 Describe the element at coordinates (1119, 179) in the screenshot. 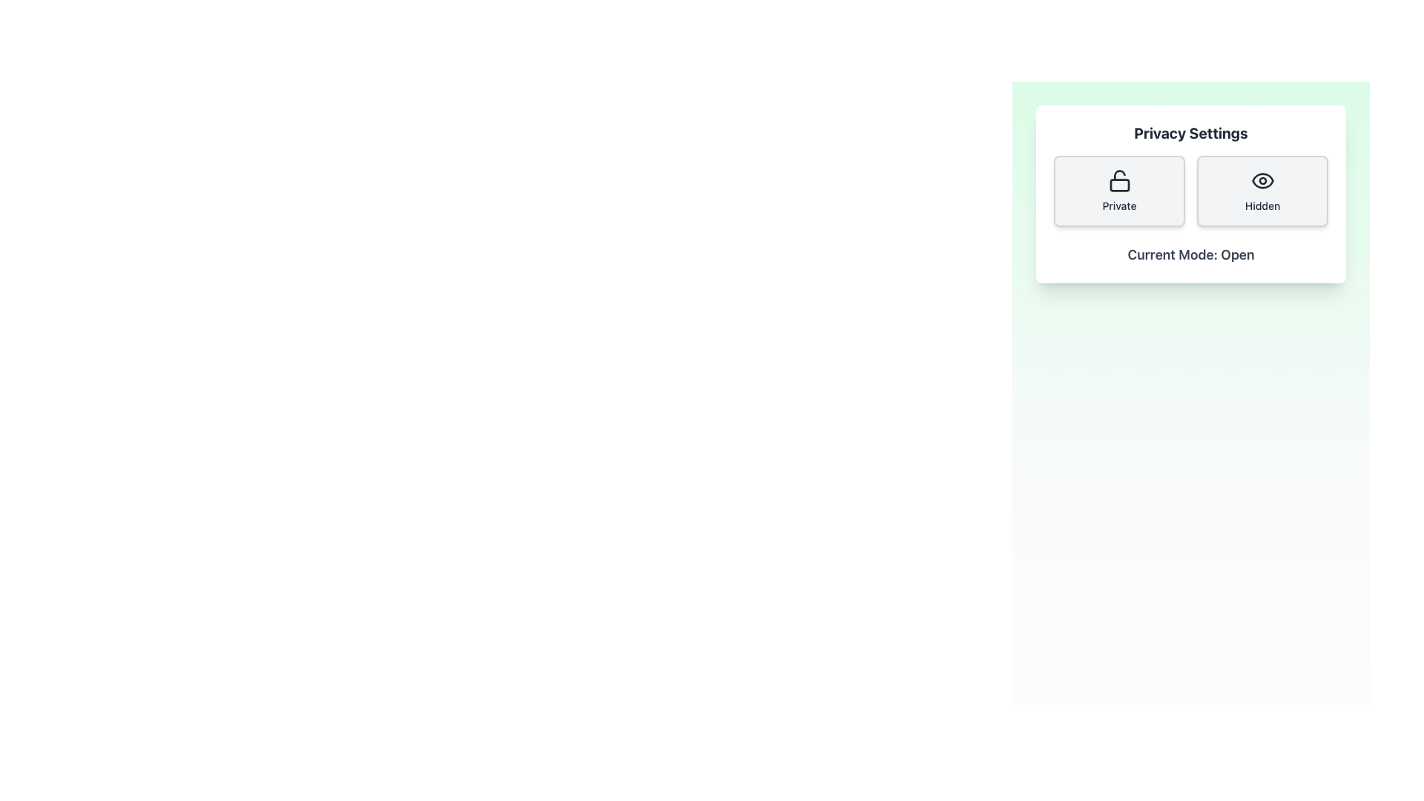

I see `the 'Private' state icon in the 'Privacy Settings' interface, located at the top-center of the 'Private' button` at that location.